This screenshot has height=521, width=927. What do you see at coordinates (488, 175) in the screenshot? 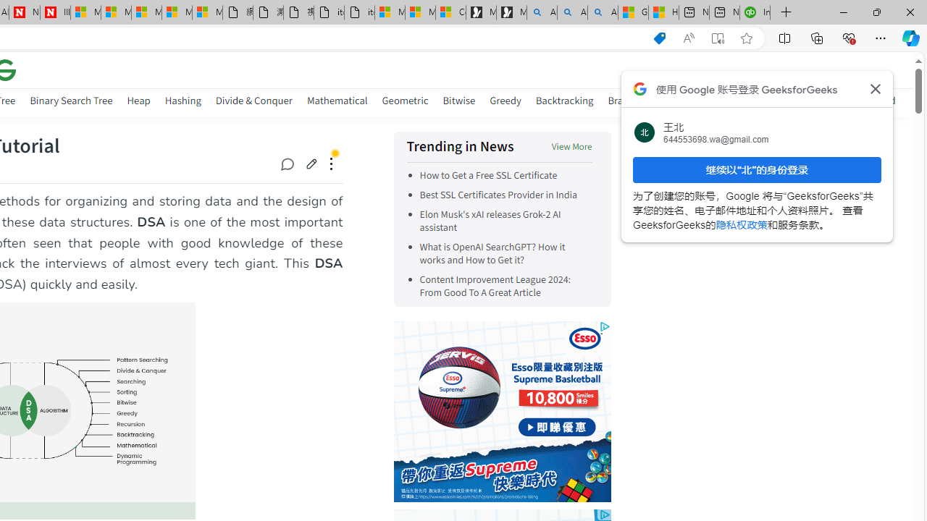
I see `'How to Get a Free SSL Certificate'` at bounding box center [488, 175].